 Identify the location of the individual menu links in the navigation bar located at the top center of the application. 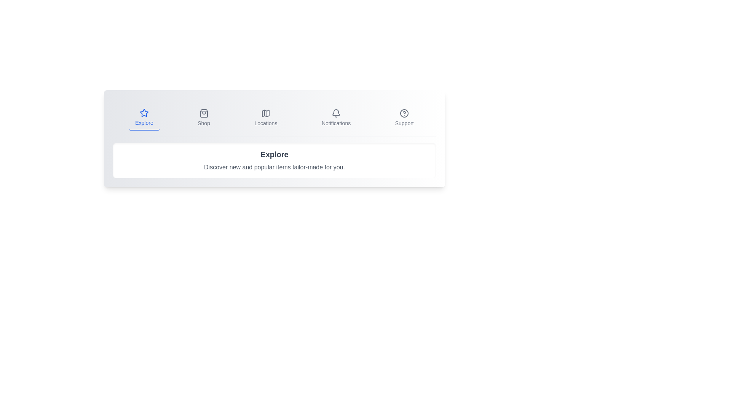
(274, 118).